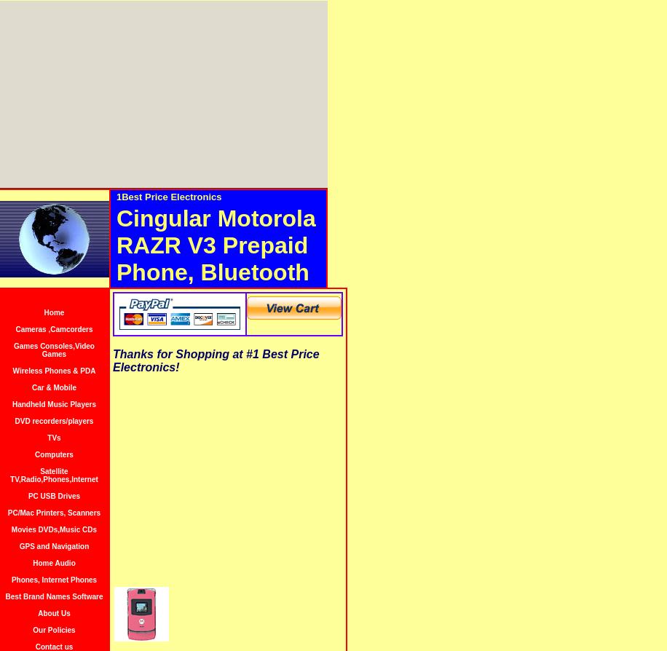 Image resolution: width=667 pixels, height=651 pixels. I want to click on 'Cingular Motorola RAZR V3 Prepaid Phone, Bluetooth', so click(215, 245).